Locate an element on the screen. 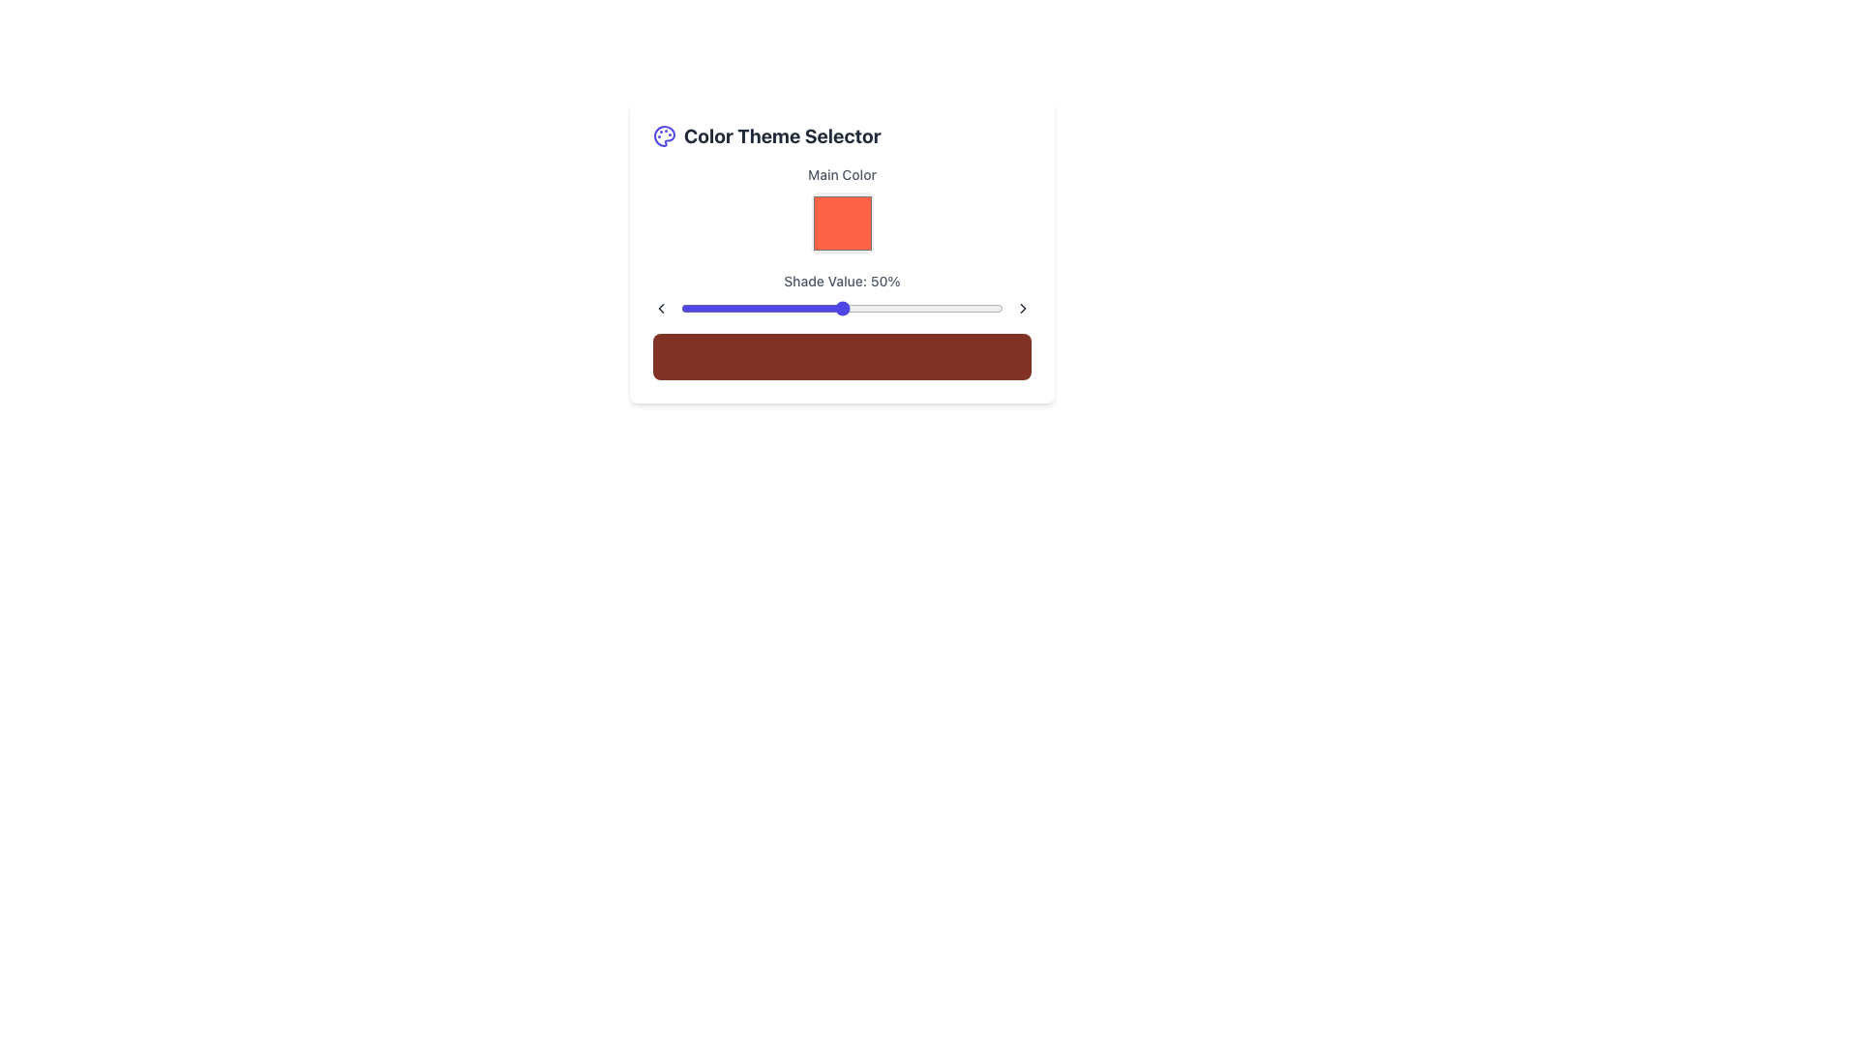 This screenshot has height=1045, width=1858. the shade value is located at coordinates (939, 308).